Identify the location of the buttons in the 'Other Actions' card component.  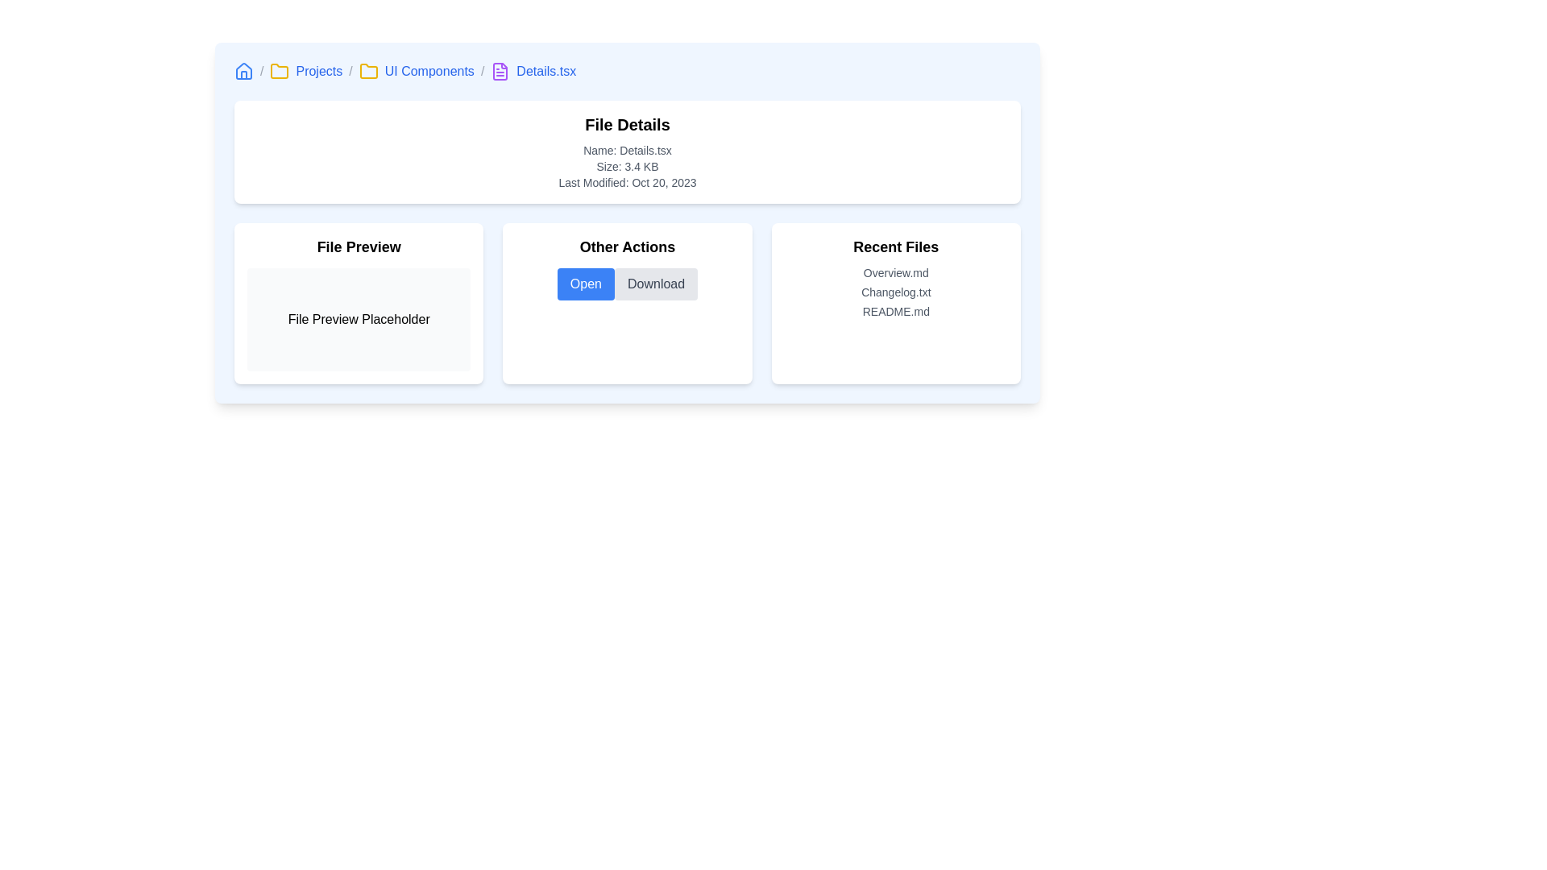
(626, 304).